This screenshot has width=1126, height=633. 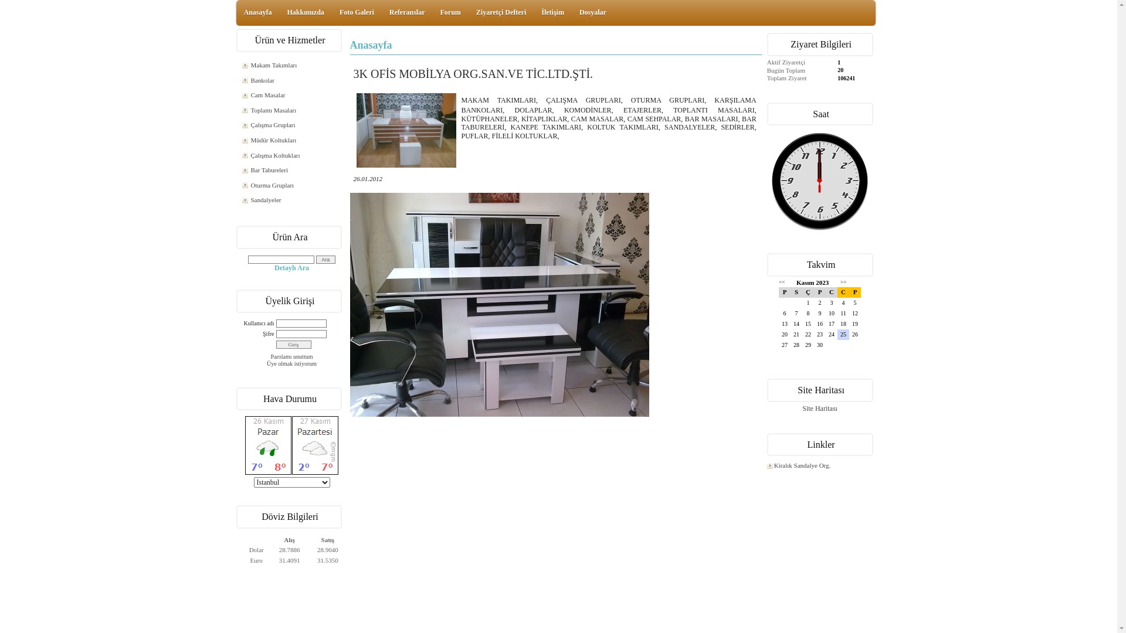 What do you see at coordinates (291, 80) in the screenshot?
I see `'Bankolar'` at bounding box center [291, 80].